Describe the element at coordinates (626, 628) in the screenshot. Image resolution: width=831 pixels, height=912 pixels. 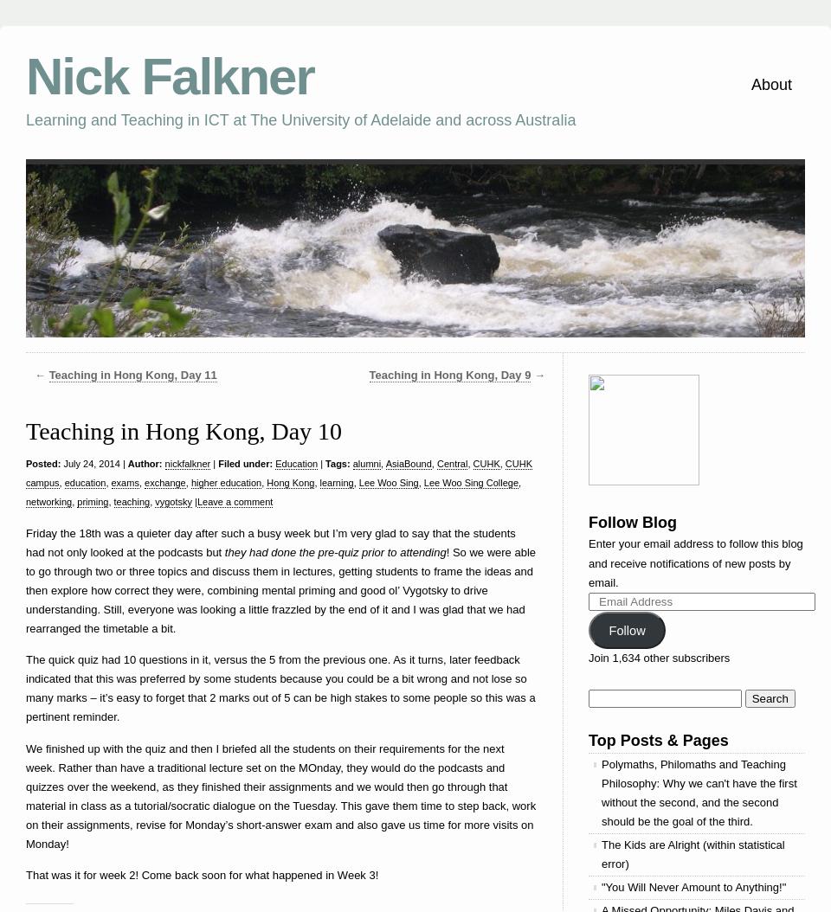
I see `'Follow'` at that location.